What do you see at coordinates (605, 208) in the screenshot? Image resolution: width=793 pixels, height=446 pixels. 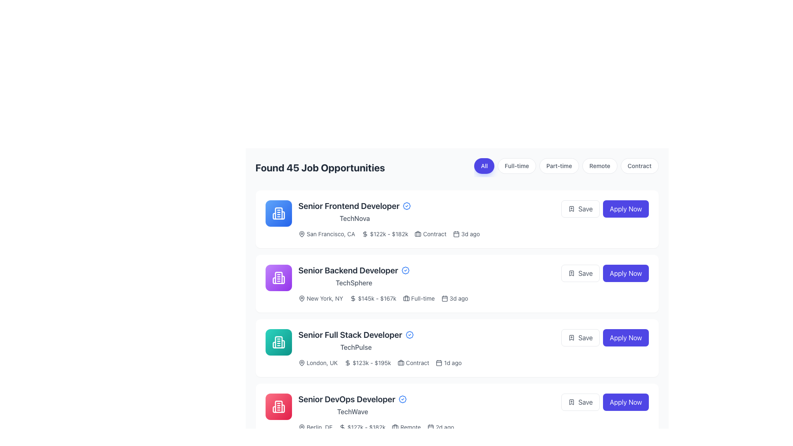 I see `the horizontally aligned button group which includes the 'Save' and 'Apply Now' buttons` at bounding box center [605, 208].